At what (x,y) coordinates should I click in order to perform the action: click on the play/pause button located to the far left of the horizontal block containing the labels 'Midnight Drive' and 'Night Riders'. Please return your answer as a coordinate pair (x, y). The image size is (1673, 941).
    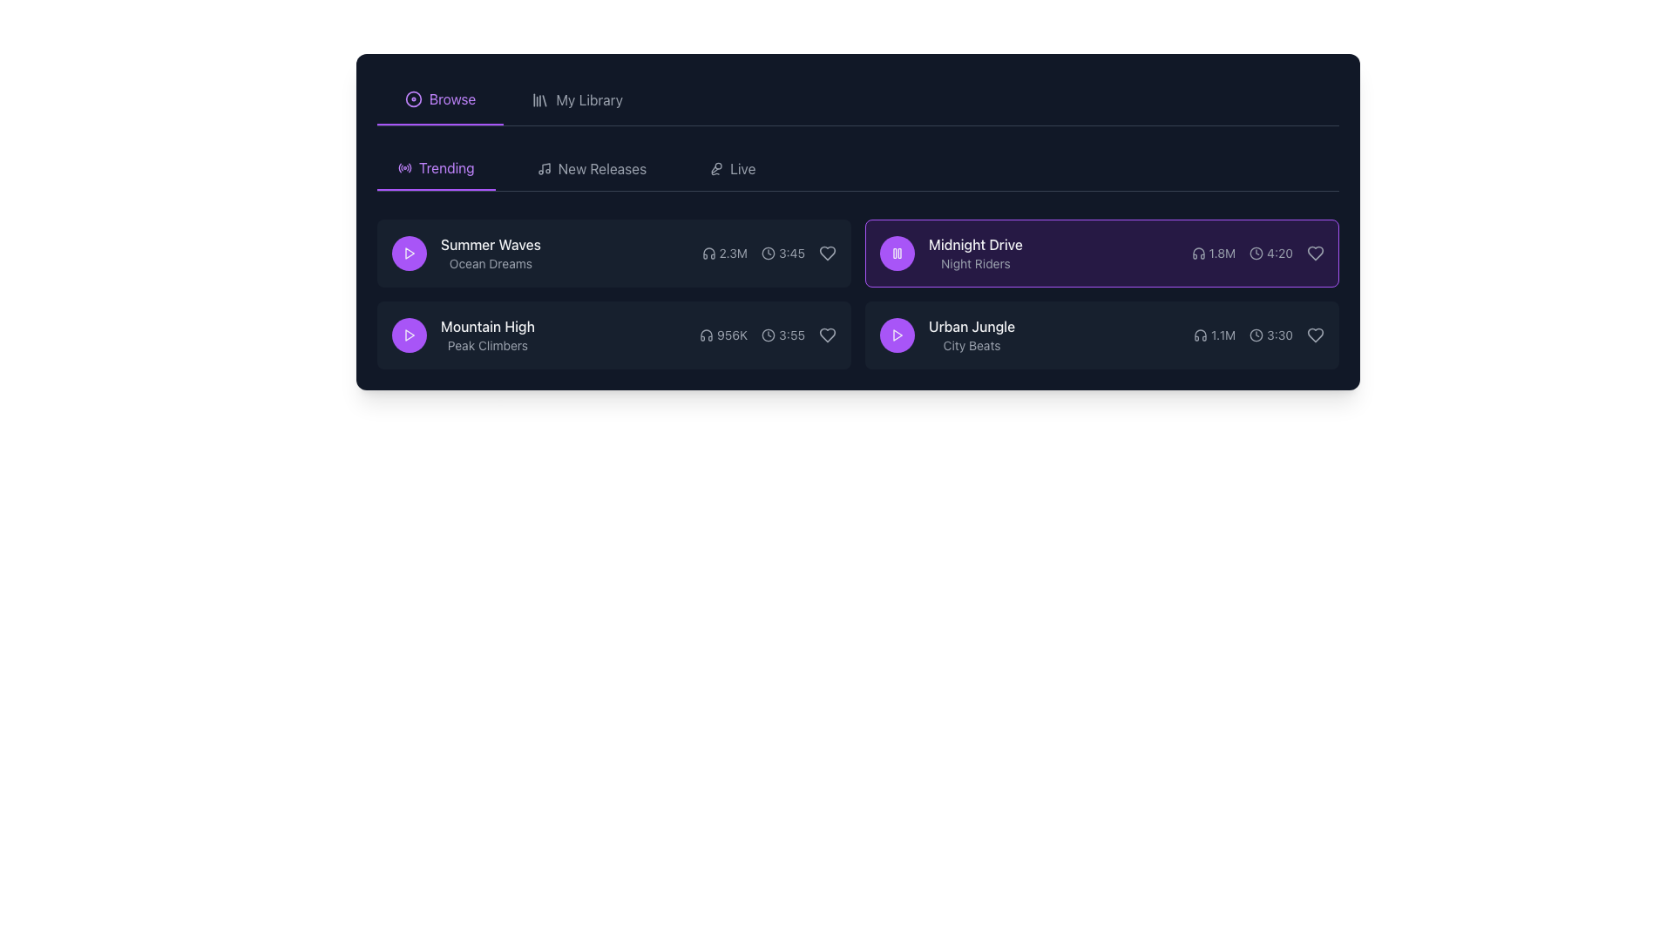
    Looking at the image, I should click on (897, 253).